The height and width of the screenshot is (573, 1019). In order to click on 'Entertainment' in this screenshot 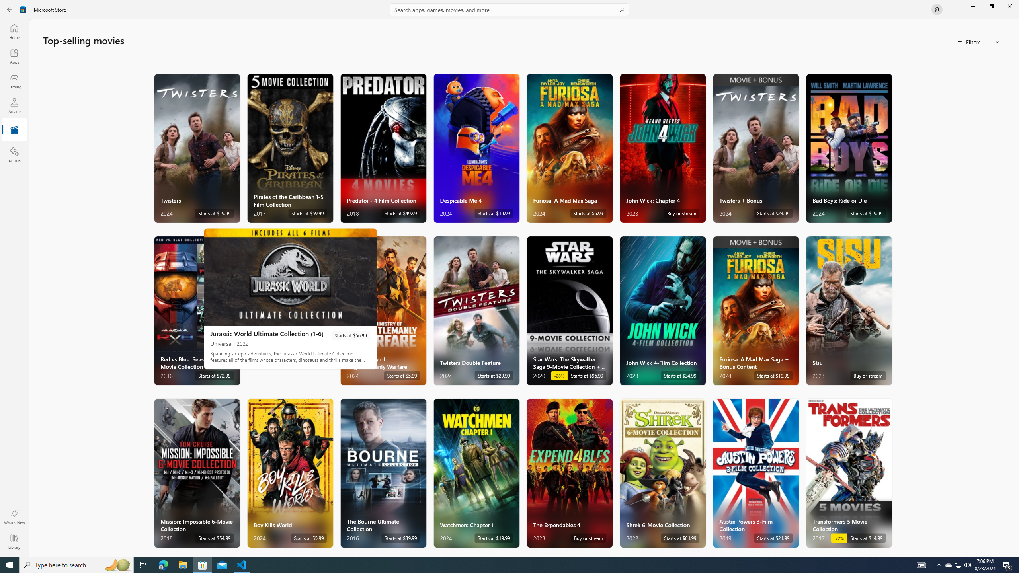, I will do `click(14, 130)`.